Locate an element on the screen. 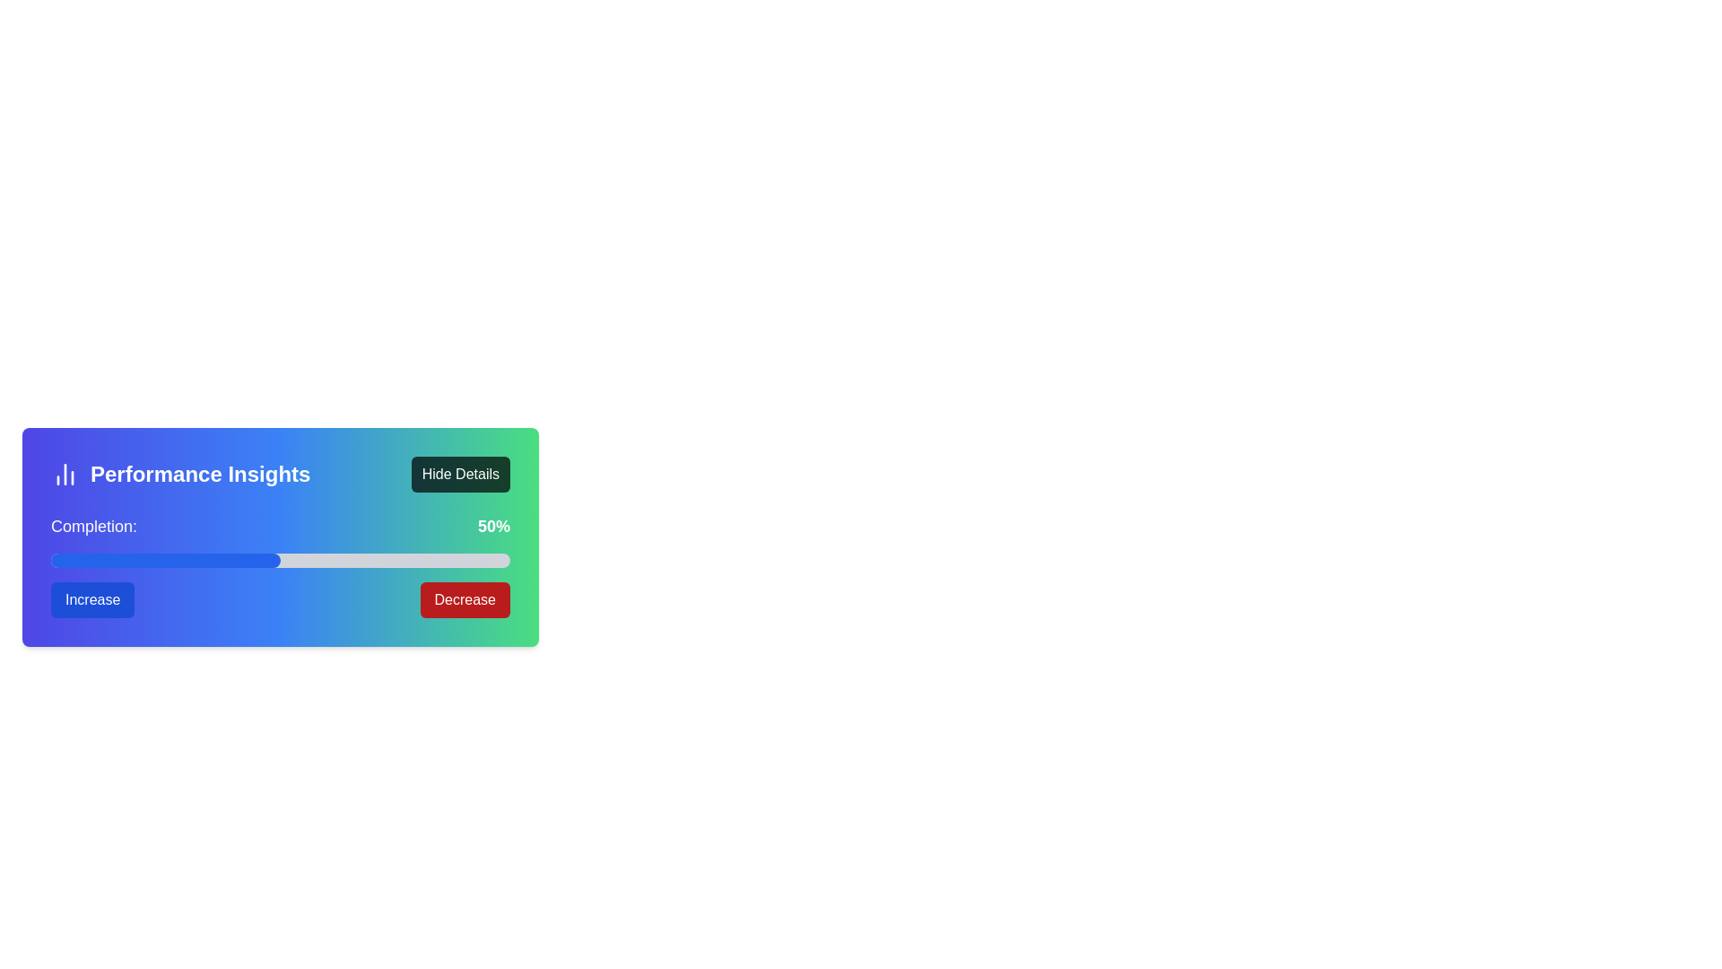  the text label displaying '50%' in bold white font on a green background, located near the right end of a horizontal progress bar is located at coordinates (494, 525).